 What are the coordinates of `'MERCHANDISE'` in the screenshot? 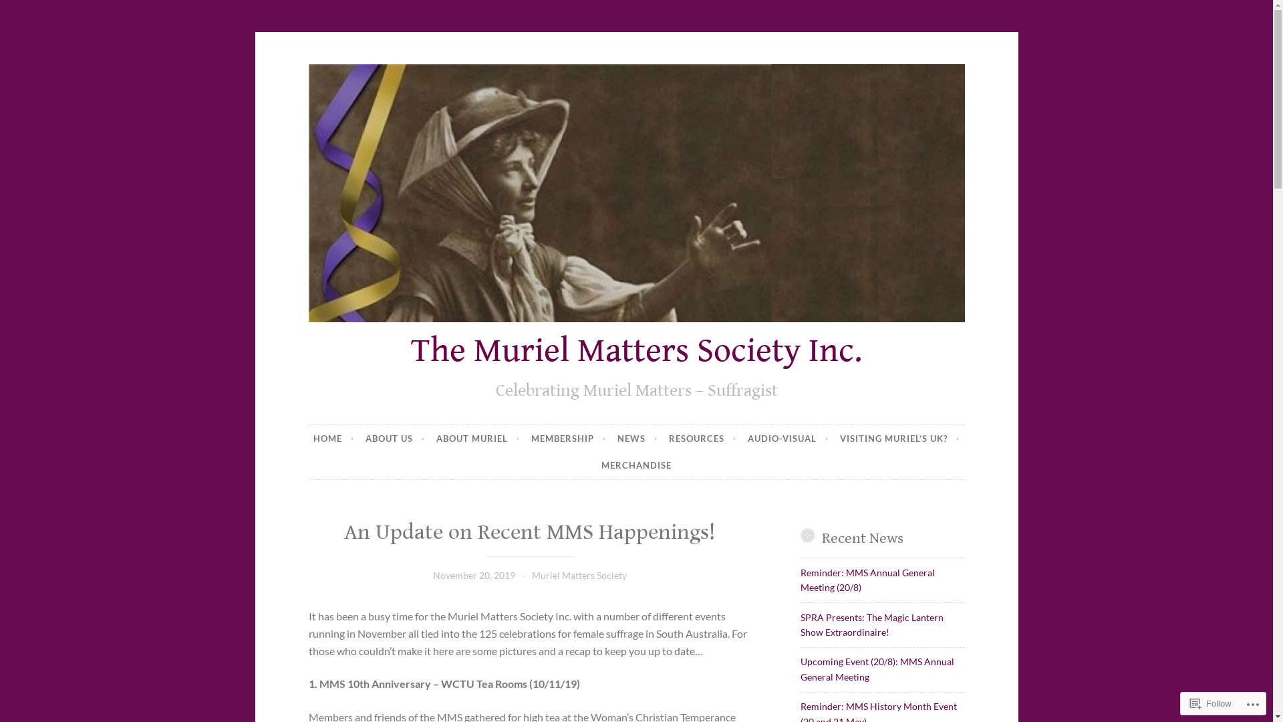 It's located at (635, 465).